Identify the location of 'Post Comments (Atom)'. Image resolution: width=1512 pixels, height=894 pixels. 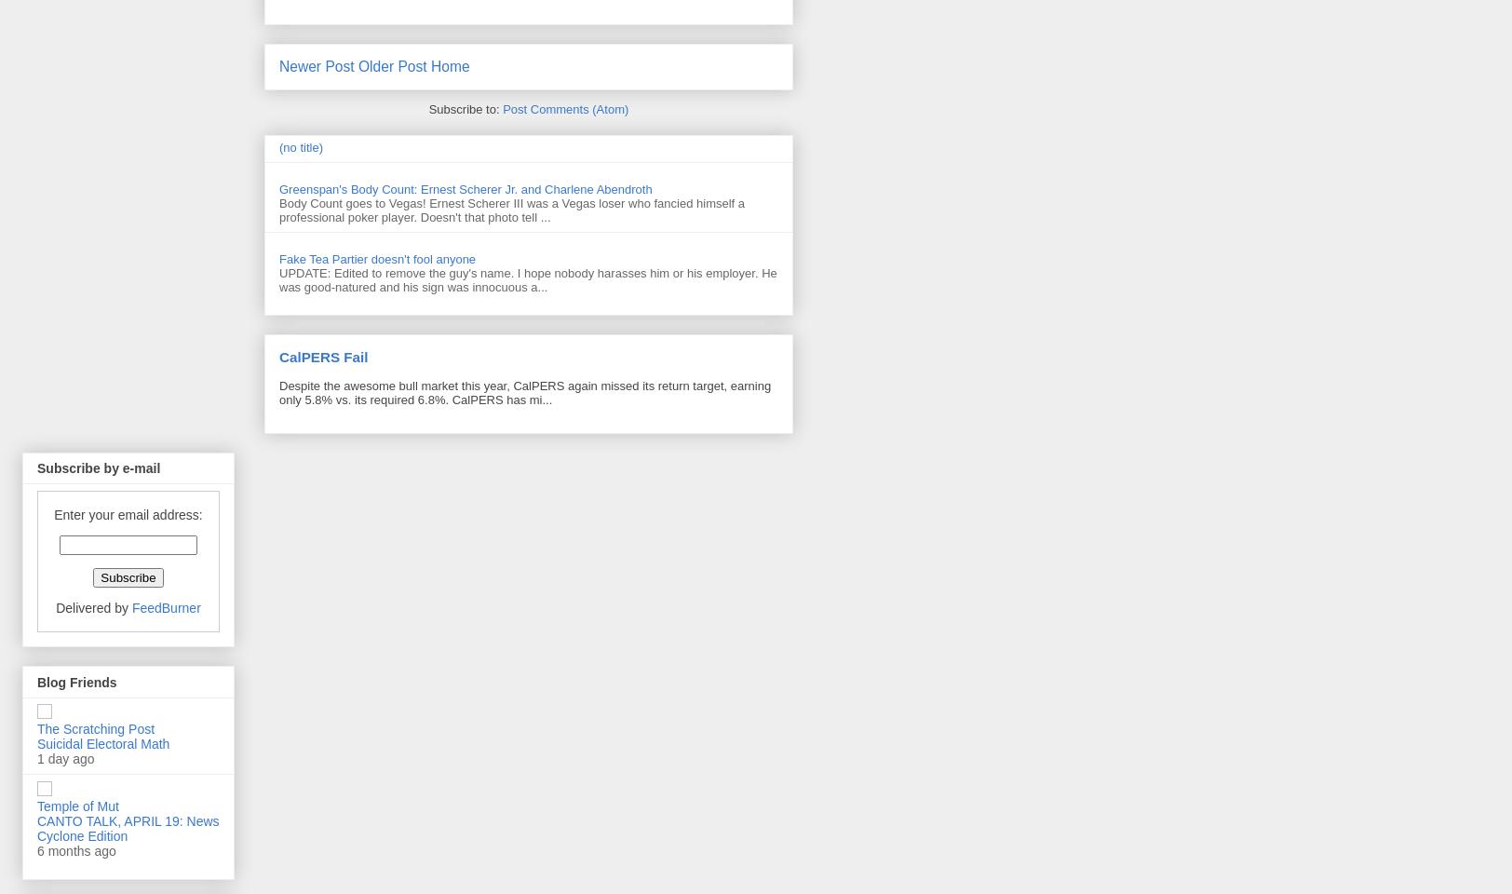
(565, 108).